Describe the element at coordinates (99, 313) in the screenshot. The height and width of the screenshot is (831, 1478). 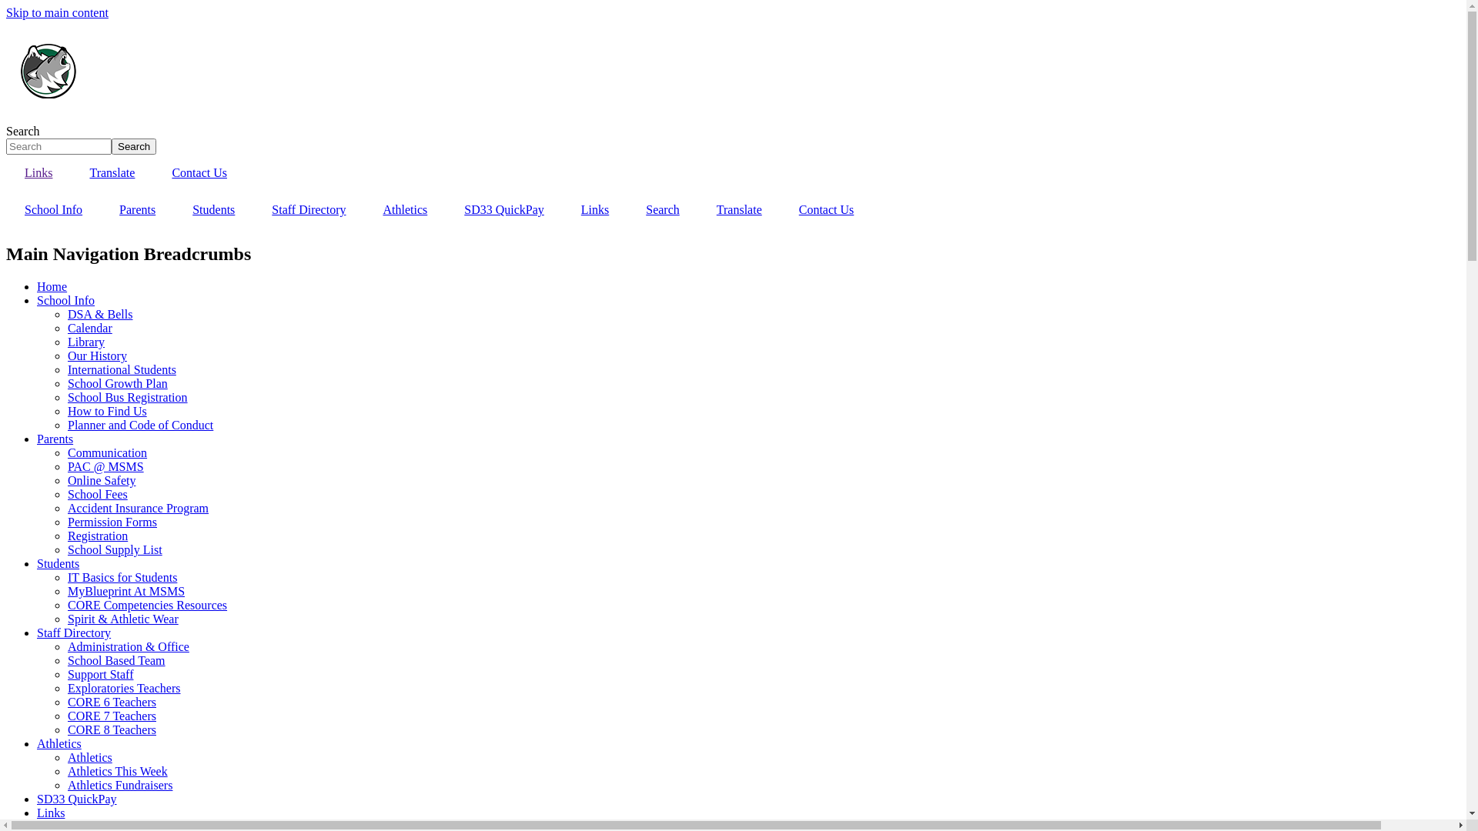
I see `'DSA & Bells'` at that location.